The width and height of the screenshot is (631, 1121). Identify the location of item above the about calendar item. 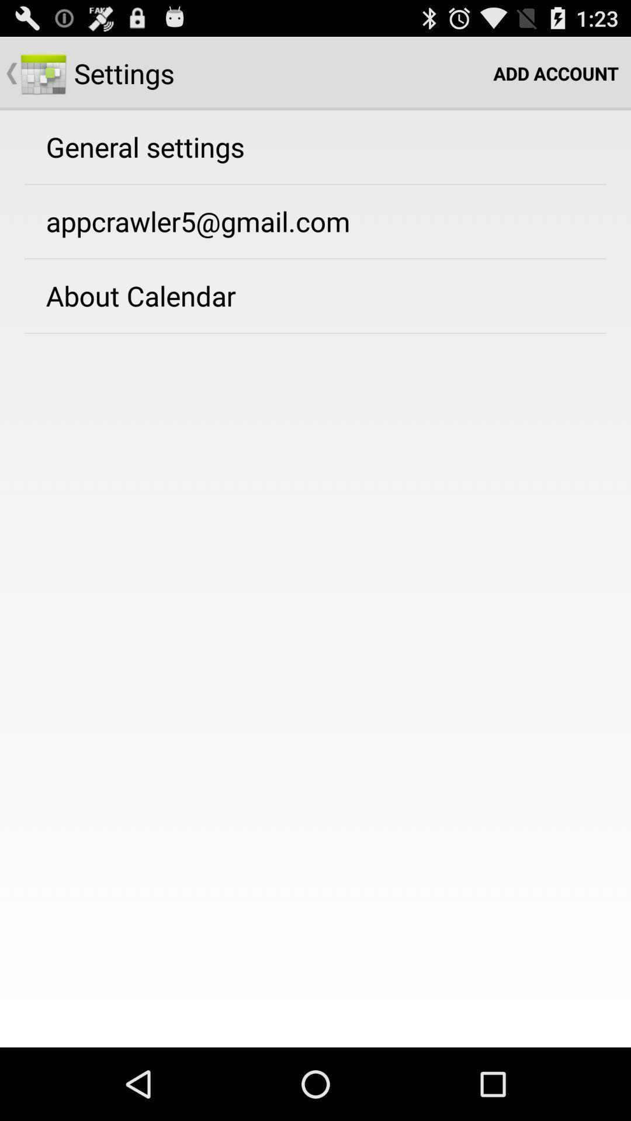
(197, 221).